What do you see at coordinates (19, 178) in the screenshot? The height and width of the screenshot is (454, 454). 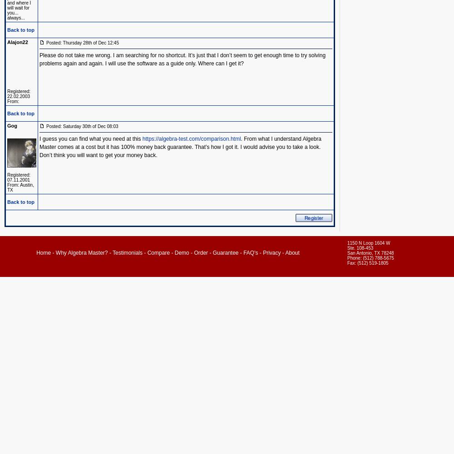 I see `'Registered: 07.11.2001'` at bounding box center [19, 178].